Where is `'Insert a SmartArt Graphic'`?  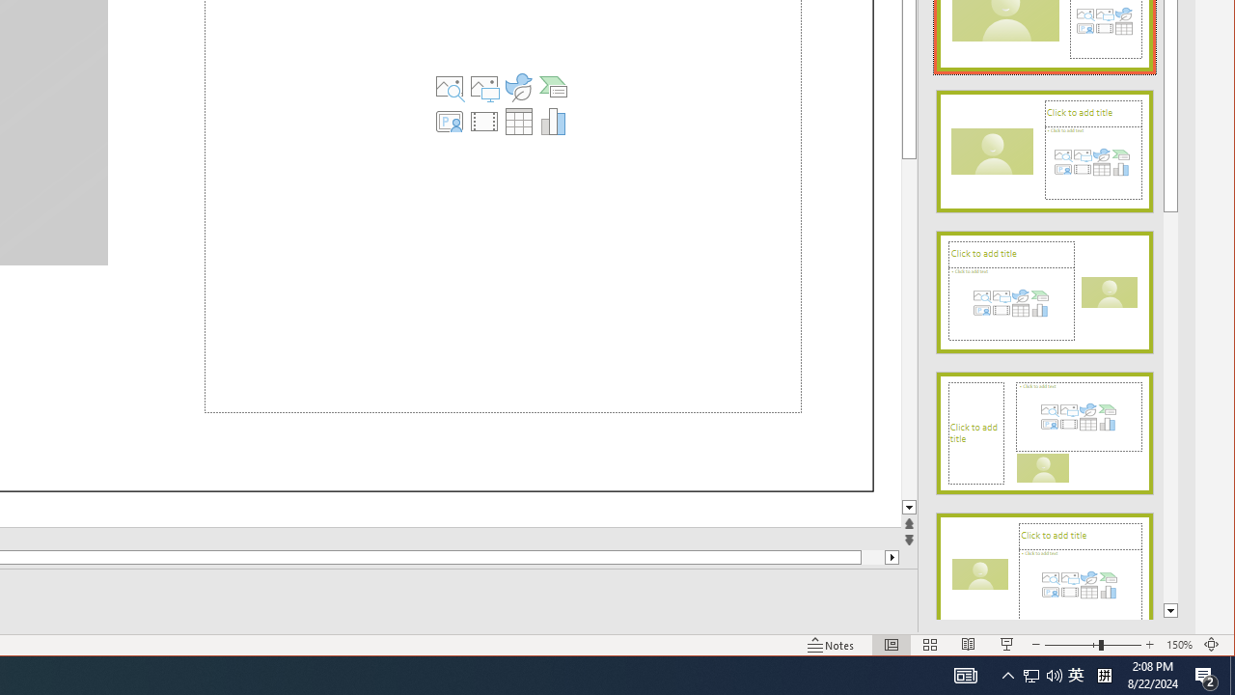
'Insert a SmartArt Graphic' is located at coordinates (553, 87).